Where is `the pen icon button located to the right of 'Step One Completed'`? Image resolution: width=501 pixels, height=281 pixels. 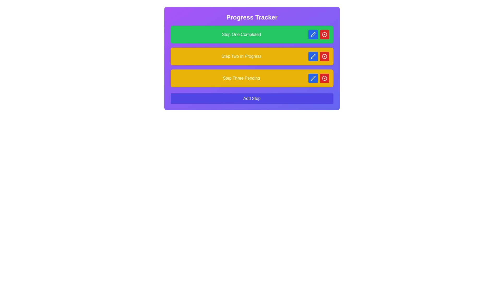 the pen icon button located to the right of 'Step One Completed' is located at coordinates (313, 34).